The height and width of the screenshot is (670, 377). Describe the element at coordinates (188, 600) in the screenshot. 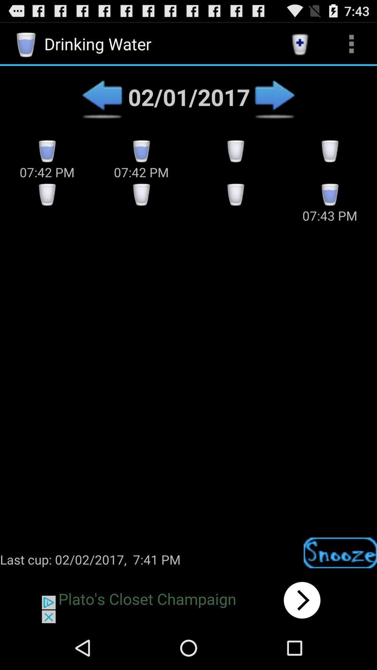

I see `next` at that location.